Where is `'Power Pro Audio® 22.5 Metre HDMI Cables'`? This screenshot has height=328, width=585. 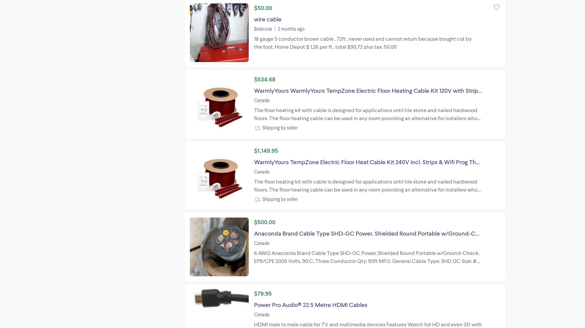
'Power Pro Audio® 22.5 Metre HDMI Cables' is located at coordinates (310, 304).